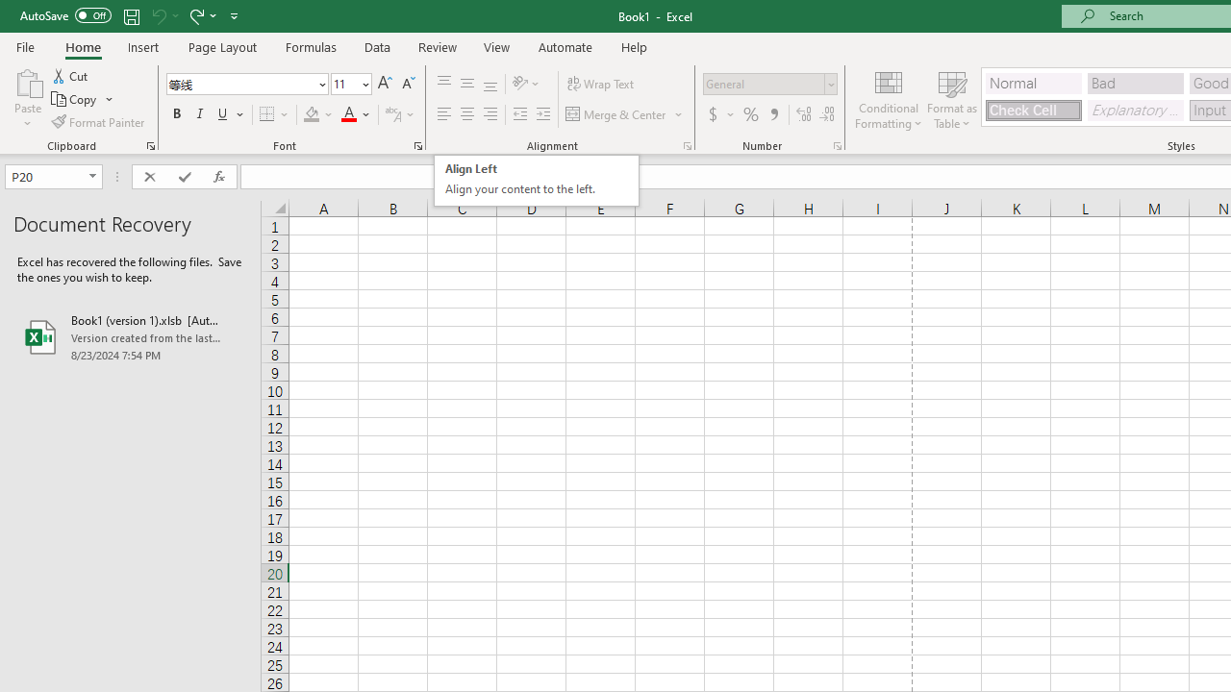 The height and width of the screenshot is (692, 1231). What do you see at coordinates (231, 114) in the screenshot?
I see `'Underline'` at bounding box center [231, 114].